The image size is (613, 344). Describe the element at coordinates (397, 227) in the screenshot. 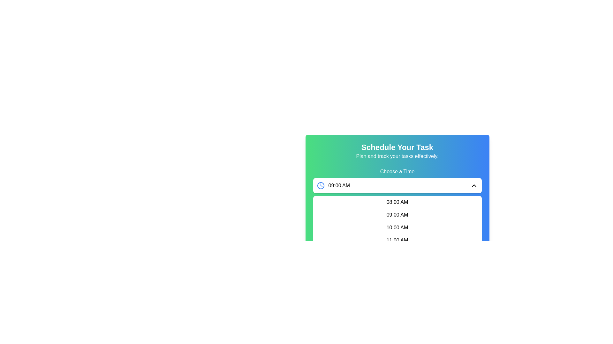

I see `the list item displaying '10:00 AM'` at that location.